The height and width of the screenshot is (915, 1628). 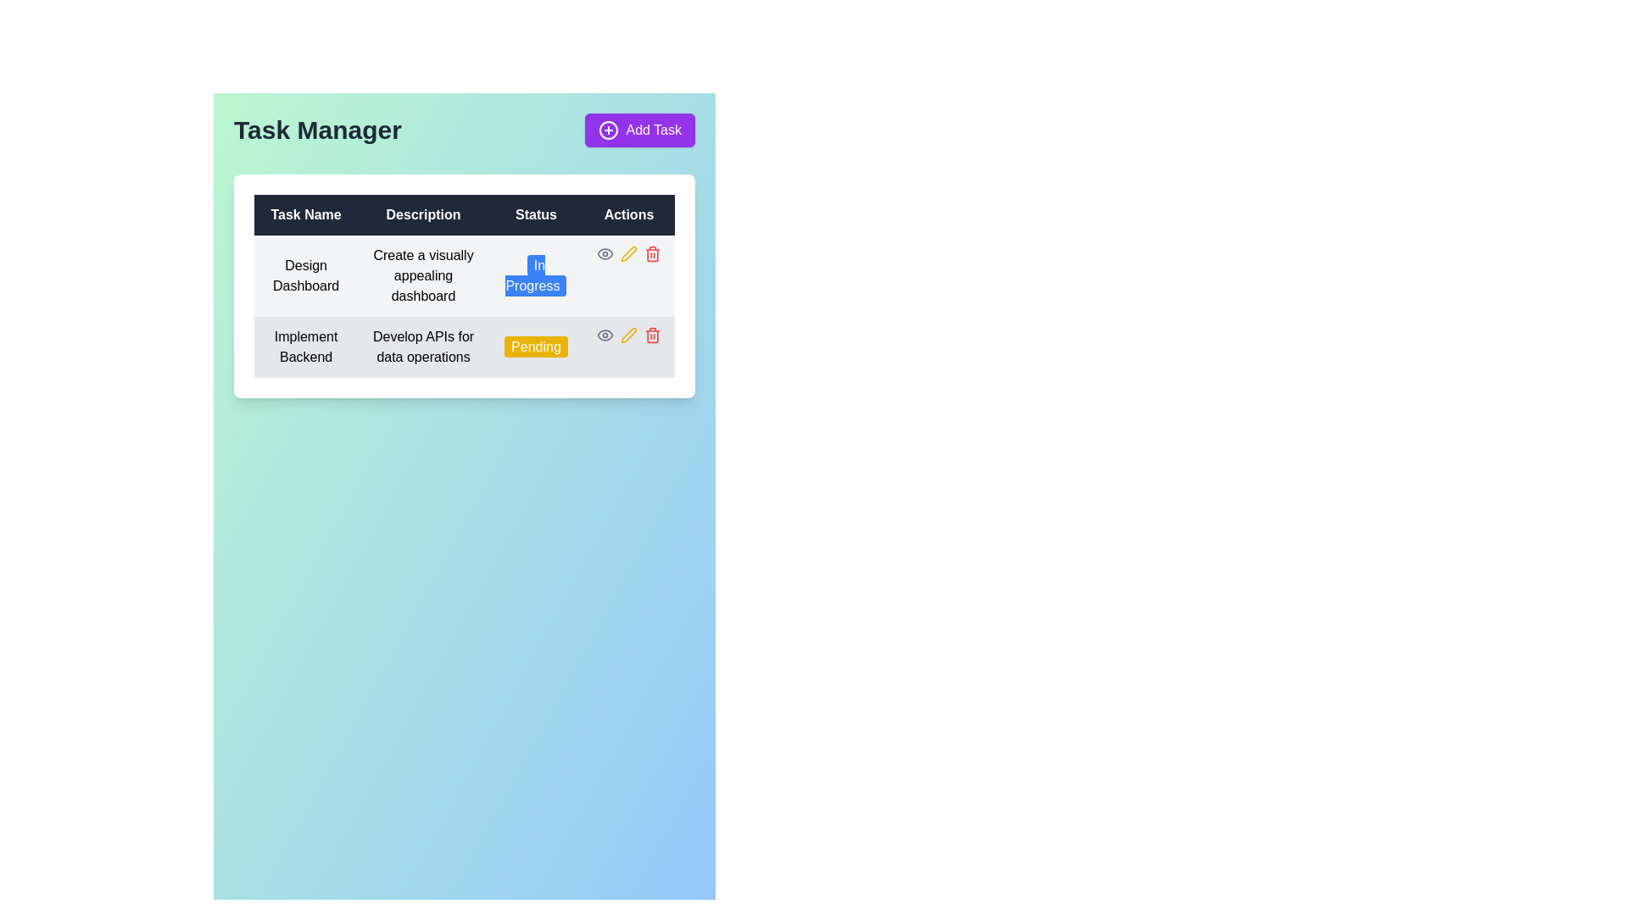 I want to click on the 'Status' text label element, which is a white text on a dark background located in the third column of the table header row, so click(x=535, y=214).